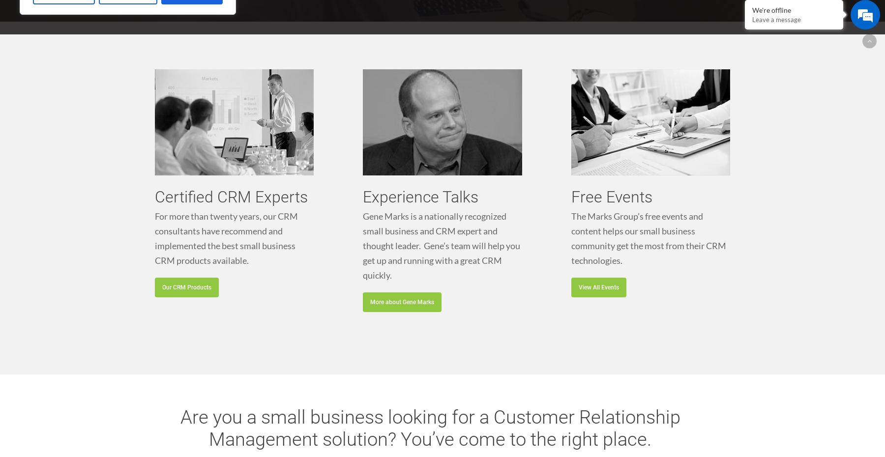 The height and width of the screenshot is (457, 885). What do you see at coordinates (420, 196) in the screenshot?
I see `'Experience Talks'` at bounding box center [420, 196].